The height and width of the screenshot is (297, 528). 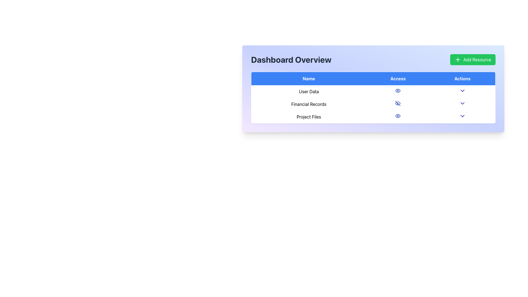 What do you see at coordinates (462, 116) in the screenshot?
I see `the downward-pointing chevron icon in the third row of the 'Actions' column` at bounding box center [462, 116].